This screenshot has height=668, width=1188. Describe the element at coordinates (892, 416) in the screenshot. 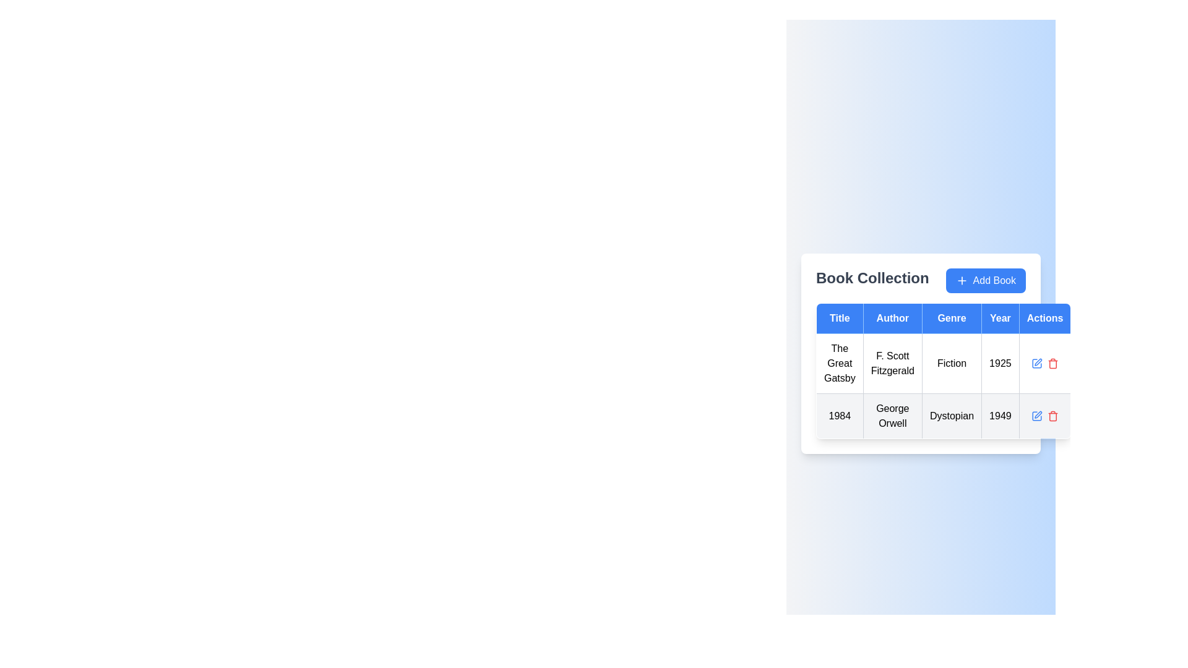

I see `the Text Display Field that shows the author of the book '1984', located in the second cell under the 'Author' header in the table` at that location.